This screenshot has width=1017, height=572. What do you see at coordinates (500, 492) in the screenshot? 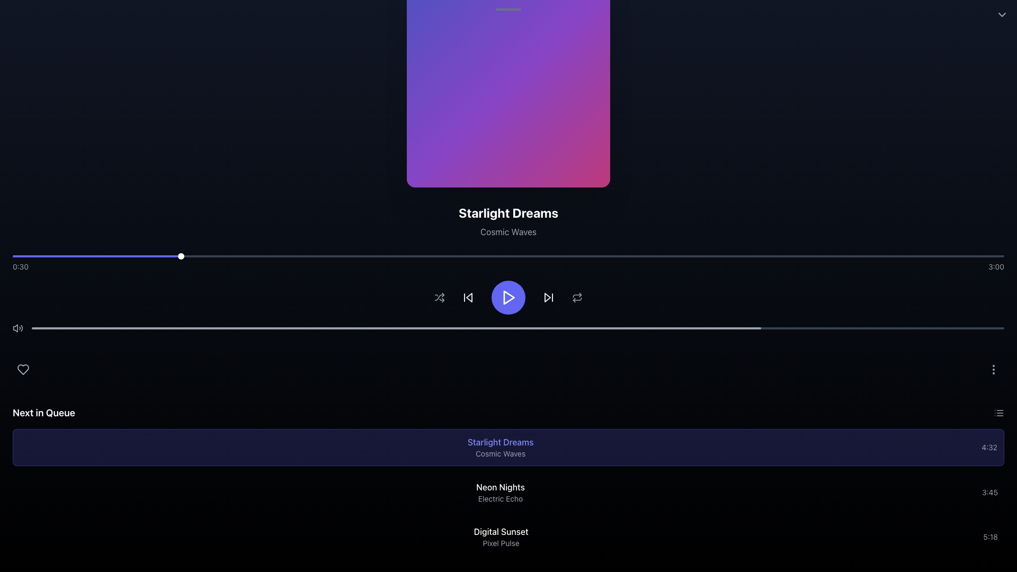
I see `the text-based display element listing item details, specifically the one with the title 'Neon Nights' and description 'Electric Echo'` at bounding box center [500, 492].